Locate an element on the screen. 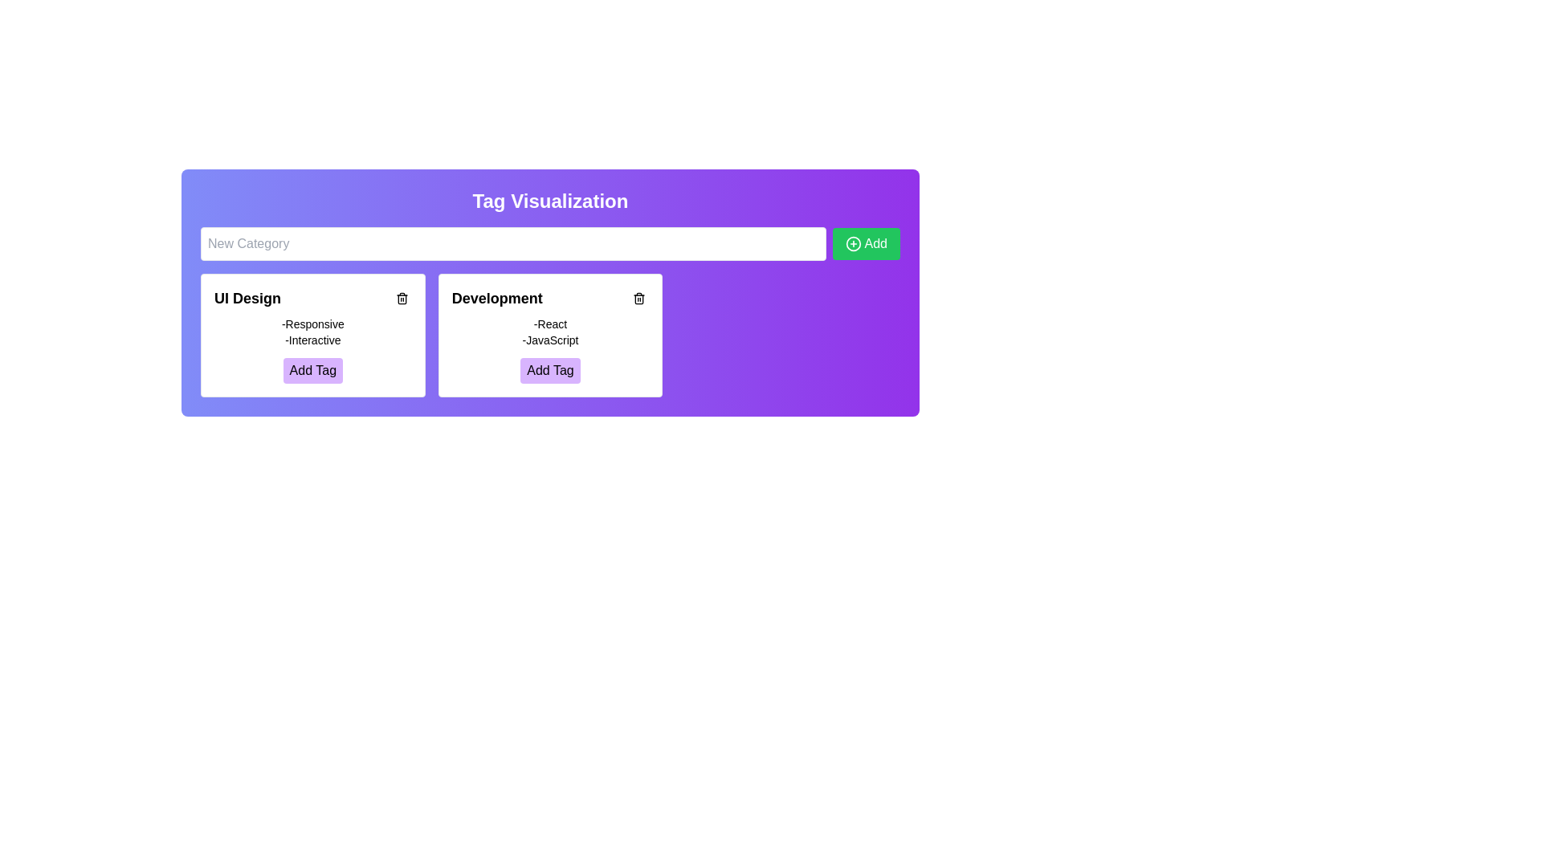 The image size is (1542, 867). the button located at the top-right corner of the interface, adjacent to the 'New Category' text input field is located at coordinates (865, 244).